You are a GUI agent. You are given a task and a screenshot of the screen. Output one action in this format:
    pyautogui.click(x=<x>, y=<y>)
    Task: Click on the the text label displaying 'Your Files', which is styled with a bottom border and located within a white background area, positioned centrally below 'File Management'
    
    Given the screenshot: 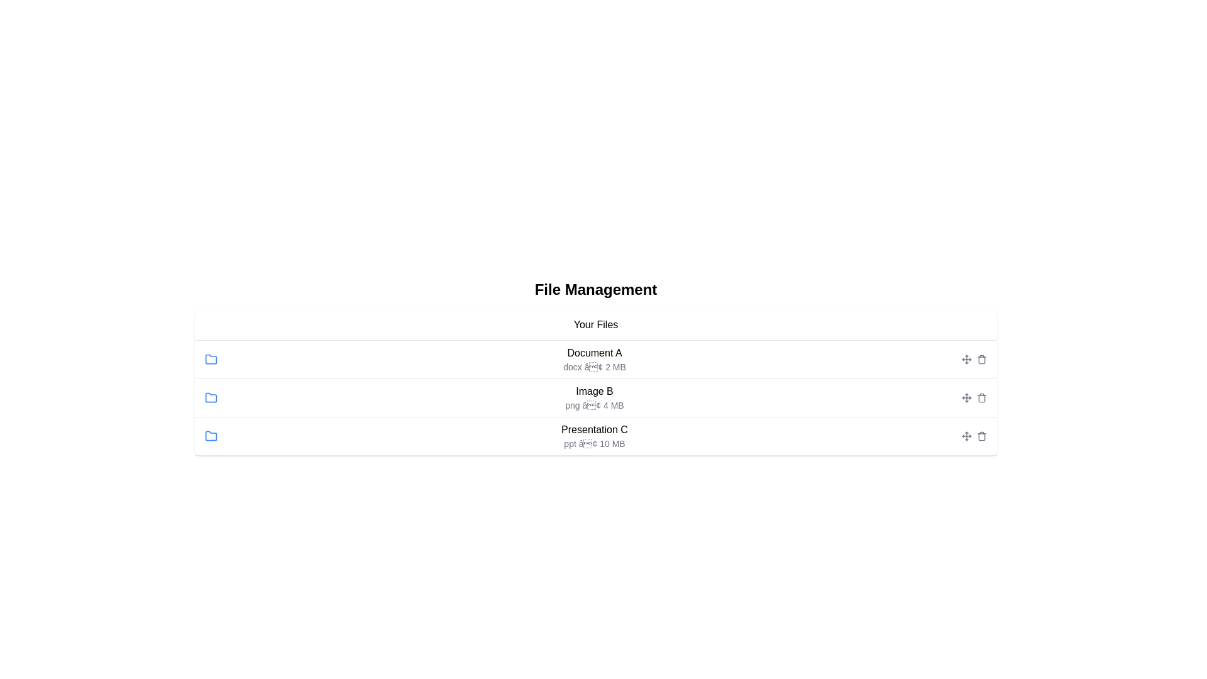 What is the action you would take?
    pyautogui.click(x=595, y=324)
    